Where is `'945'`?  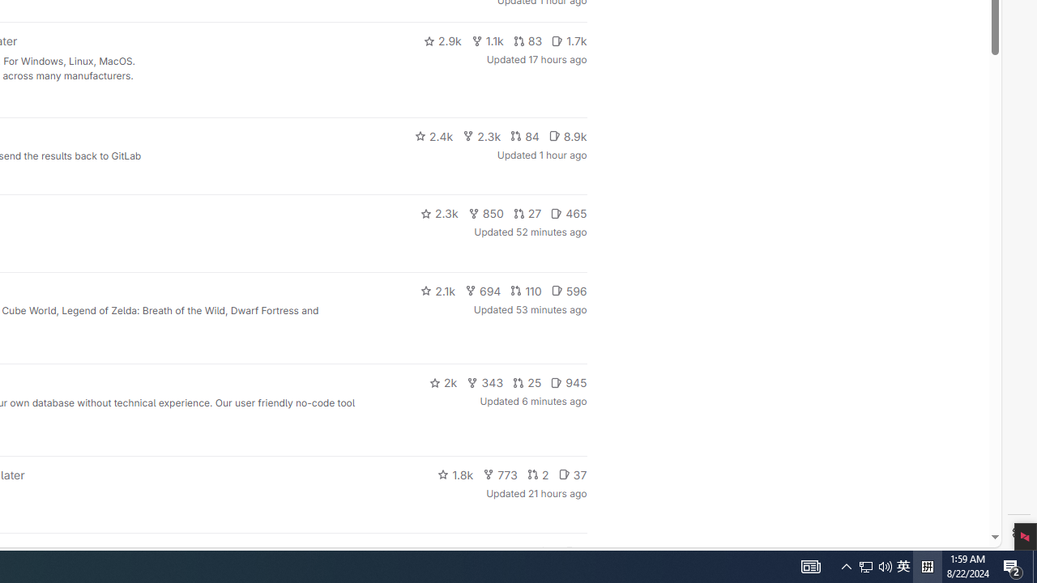 '945' is located at coordinates (569, 383).